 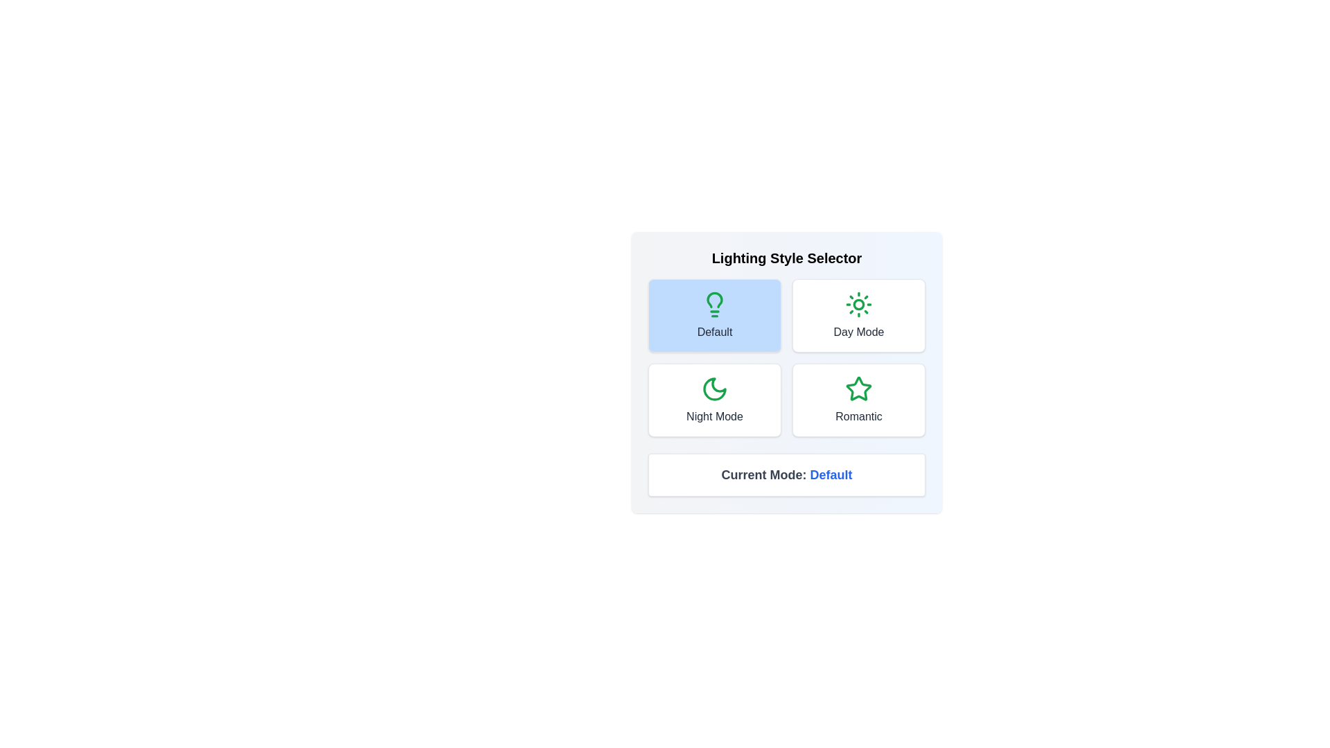 I want to click on the button corresponding to the lighting mode Night Mode, so click(x=715, y=400).